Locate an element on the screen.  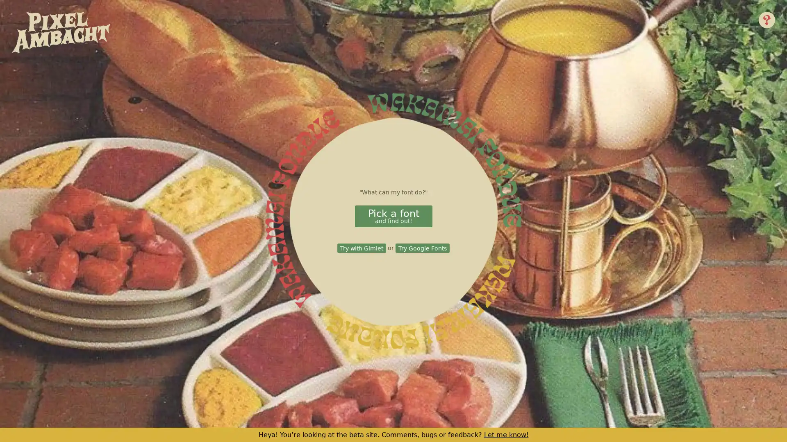
Choose File is located at coordinates (430, 222).